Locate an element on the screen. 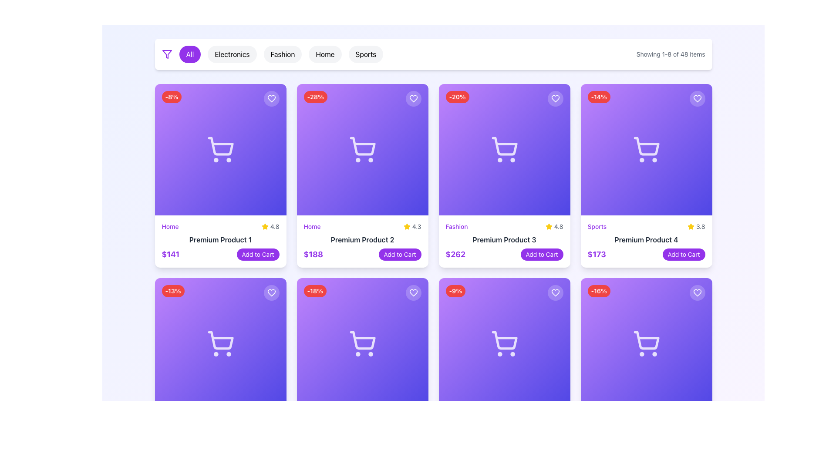  the text label displaying 'Premium Product 1' in a bold dark gray font to trigger any potential tooltip or visual effect is located at coordinates (220, 240).